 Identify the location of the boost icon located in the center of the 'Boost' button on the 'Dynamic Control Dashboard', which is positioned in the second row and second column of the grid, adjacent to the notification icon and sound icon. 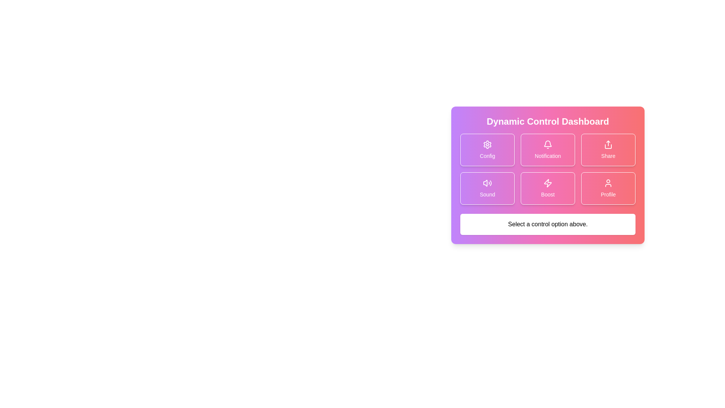
(548, 183).